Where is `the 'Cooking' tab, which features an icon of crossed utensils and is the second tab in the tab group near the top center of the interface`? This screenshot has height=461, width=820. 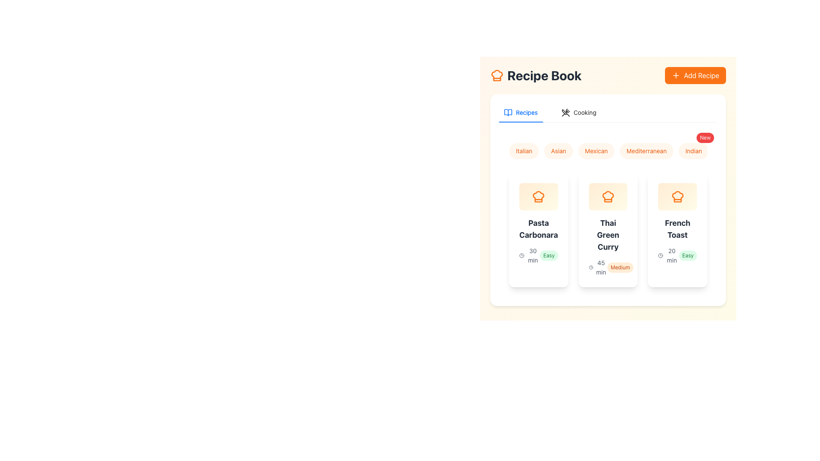
the 'Cooking' tab, which features an icon of crossed utensils and is the second tab in the tab group near the top center of the interface is located at coordinates (579, 112).